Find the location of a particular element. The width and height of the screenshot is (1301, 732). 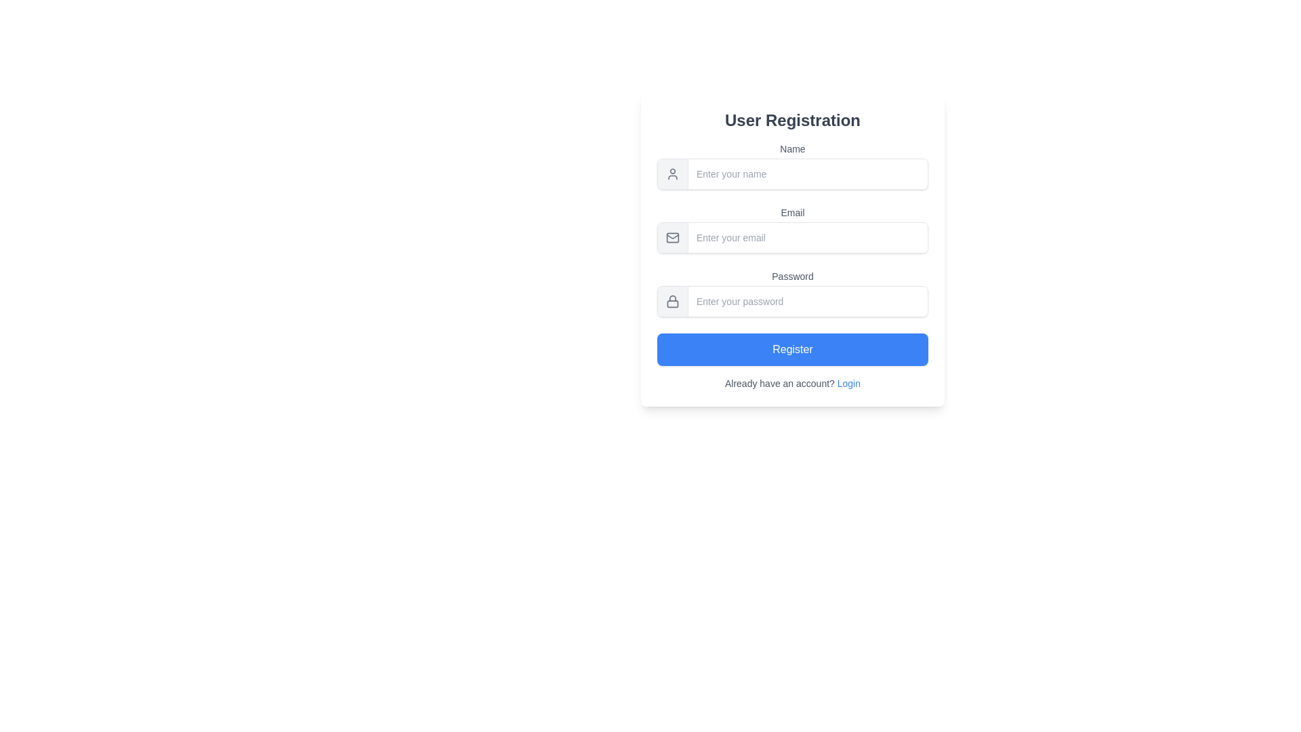

the email input icon located to the left of the email input field in the user registration form is located at coordinates (673, 237).